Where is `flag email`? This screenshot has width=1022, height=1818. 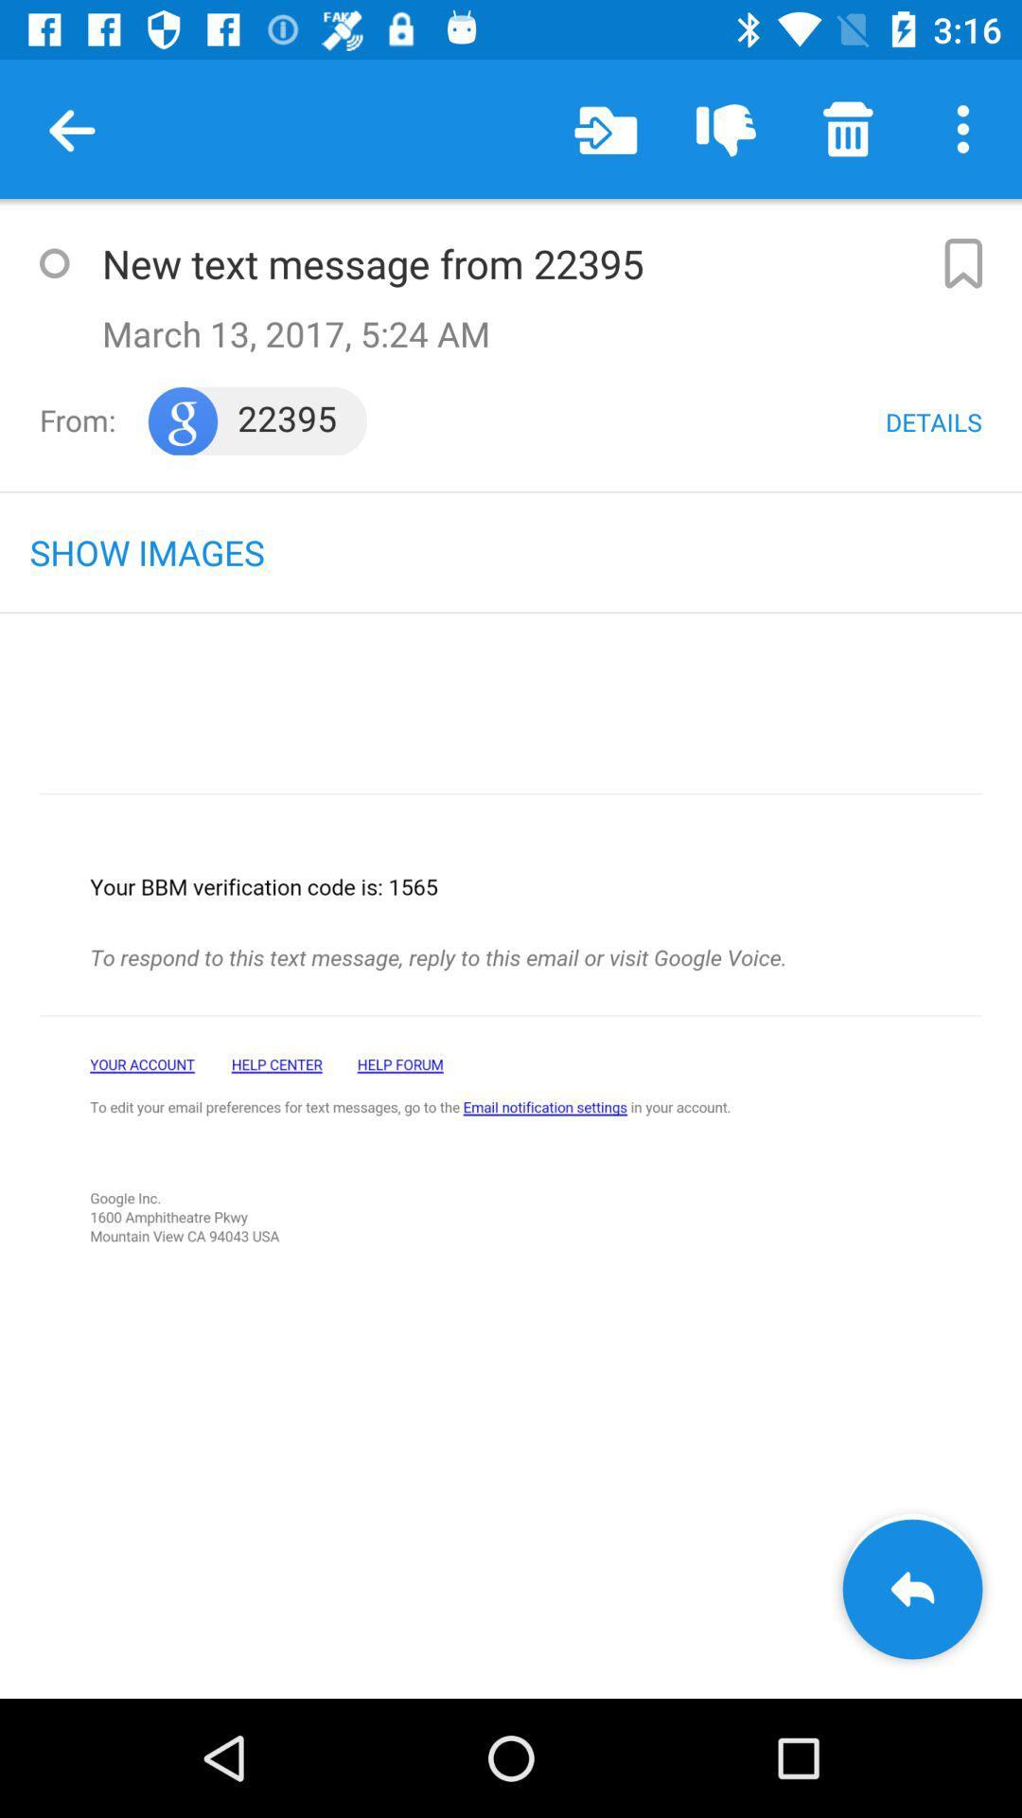
flag email is located at coordinates (962, 262).